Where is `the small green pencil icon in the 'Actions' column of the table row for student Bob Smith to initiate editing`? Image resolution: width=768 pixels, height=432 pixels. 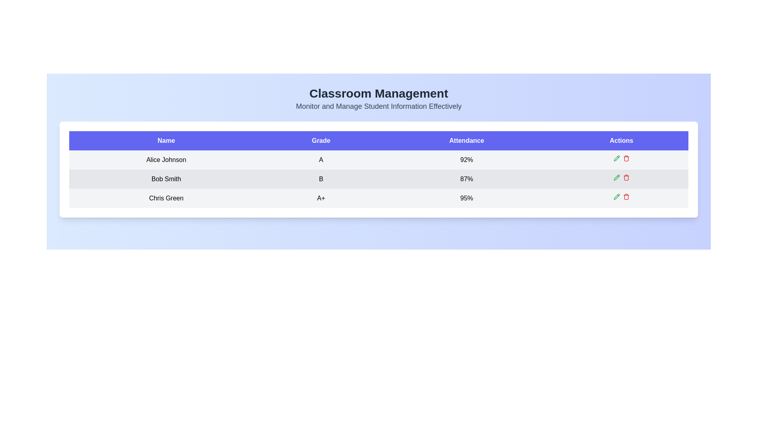
the small green pencil icon in the 'Actions' column of the table row for student Bob Smith to initiate editing is located at coordinates (616, 177).